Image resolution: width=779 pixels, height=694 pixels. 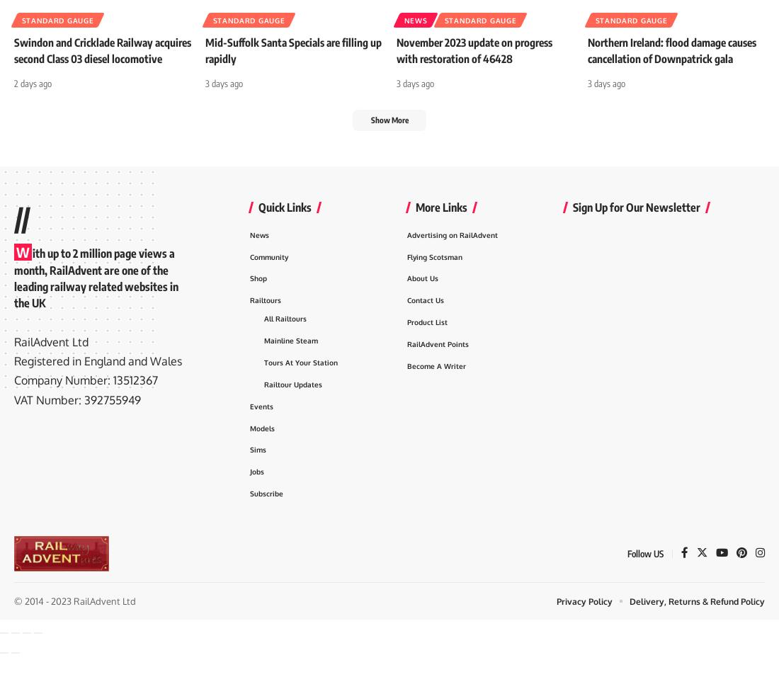 What do you see at coordinates (86, 406) in the screenshot?
I see `'Company Number: 13512367'` at bounding box center [86, 406].